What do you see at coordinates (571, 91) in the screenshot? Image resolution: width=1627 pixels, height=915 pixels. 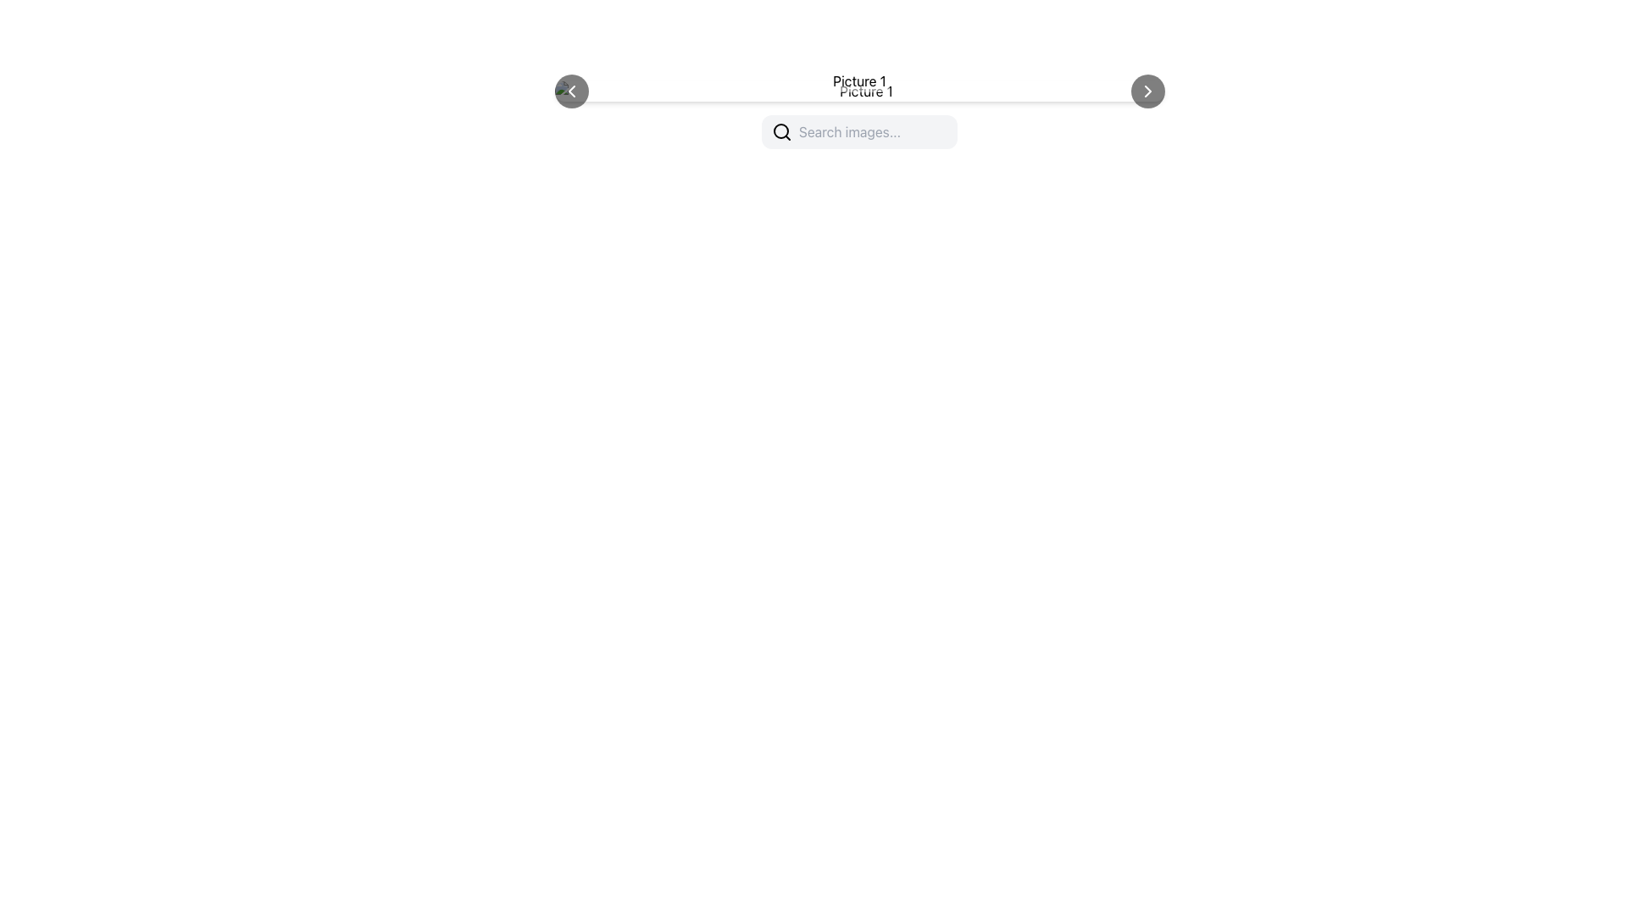 I see `the small, left-facing chevron icon, which is white on a semi-transparent black circular background` at bounding box center [571, 91].